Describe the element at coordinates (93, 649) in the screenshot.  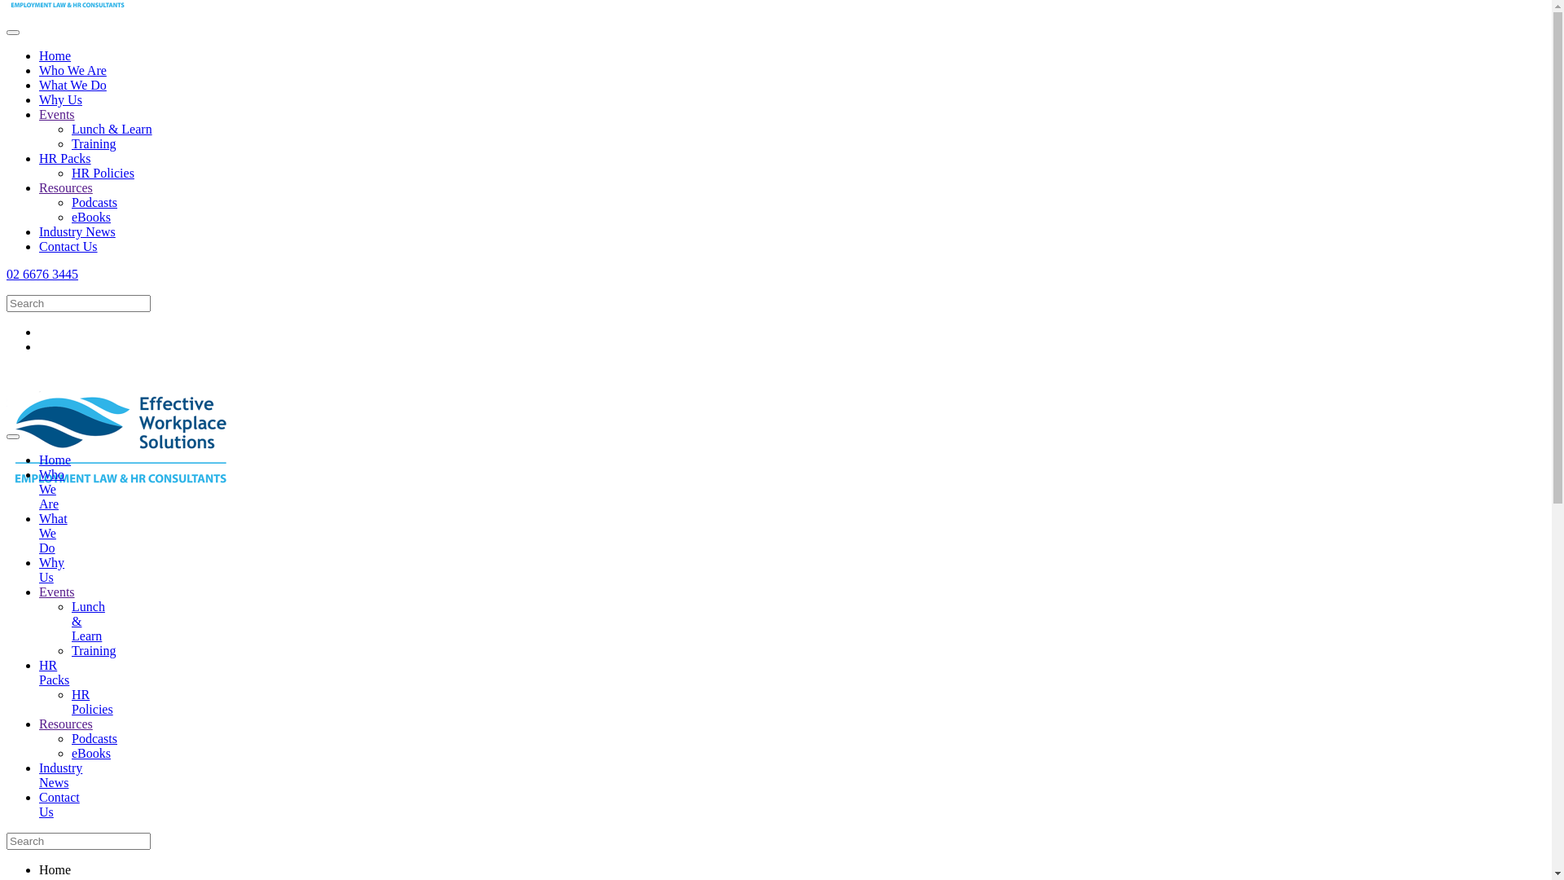
I see `'Training'` at that location.